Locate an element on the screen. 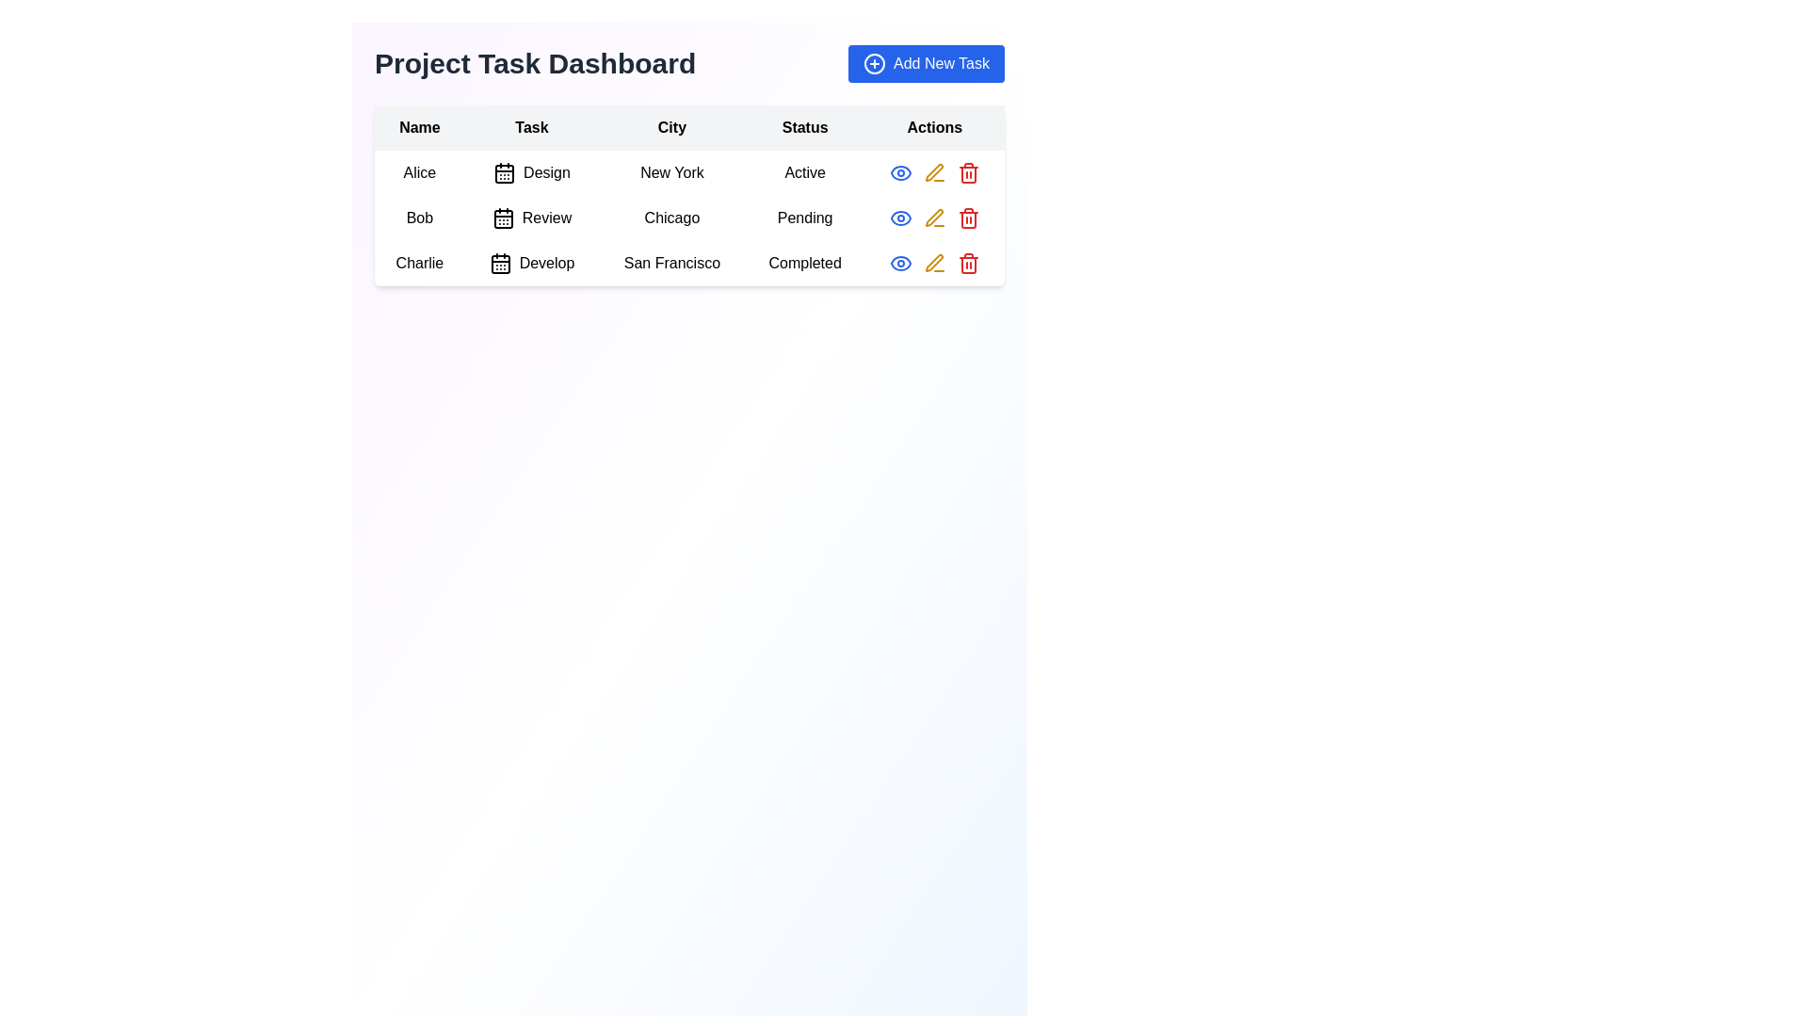 The height and width of the screenshot is (1017, 1808). the calendar icon located in the 'Task' column of the second row, which is represented by a minimalist design with a box outline and grid of dots is located at coordinates (503, 217).